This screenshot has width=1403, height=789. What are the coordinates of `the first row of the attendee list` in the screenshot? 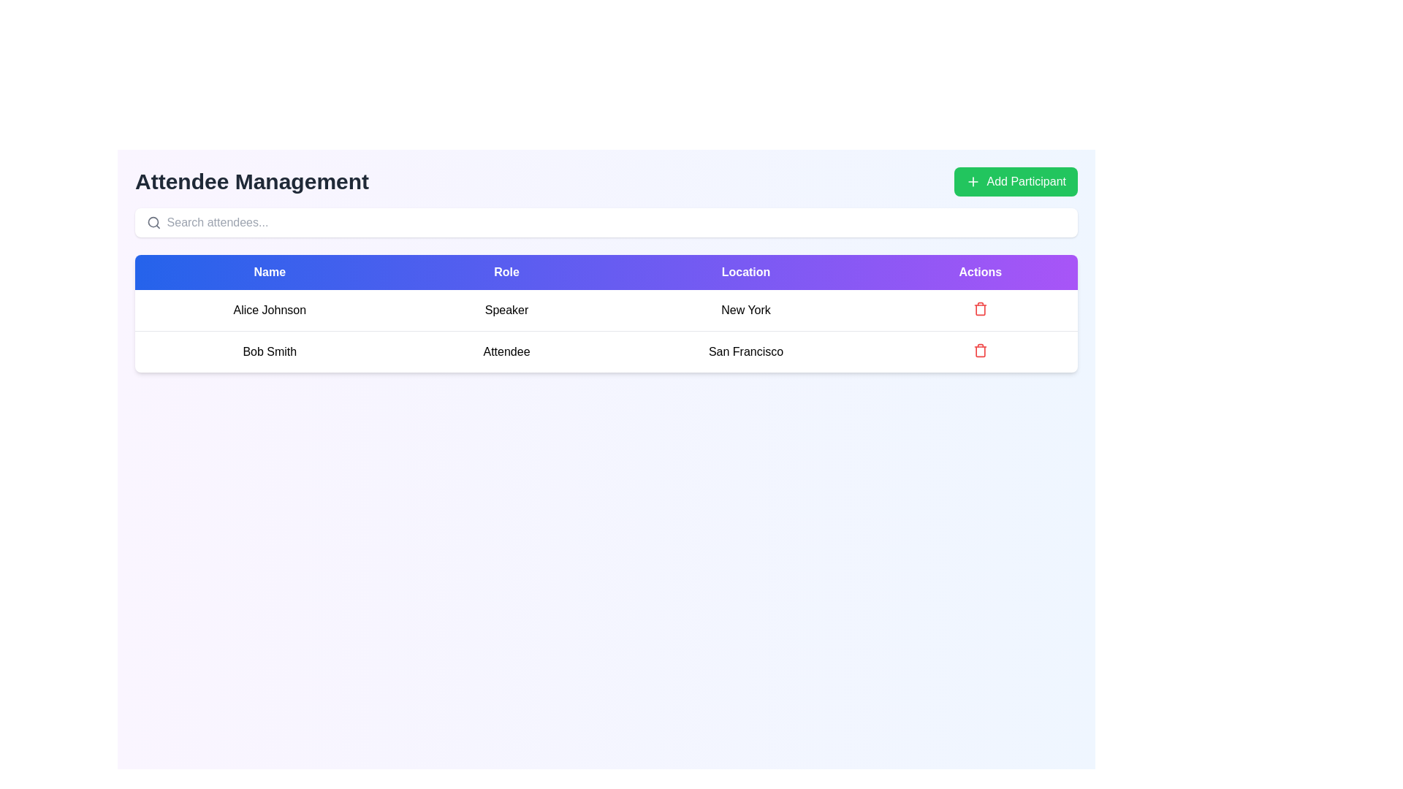 It's located at (607, 309).